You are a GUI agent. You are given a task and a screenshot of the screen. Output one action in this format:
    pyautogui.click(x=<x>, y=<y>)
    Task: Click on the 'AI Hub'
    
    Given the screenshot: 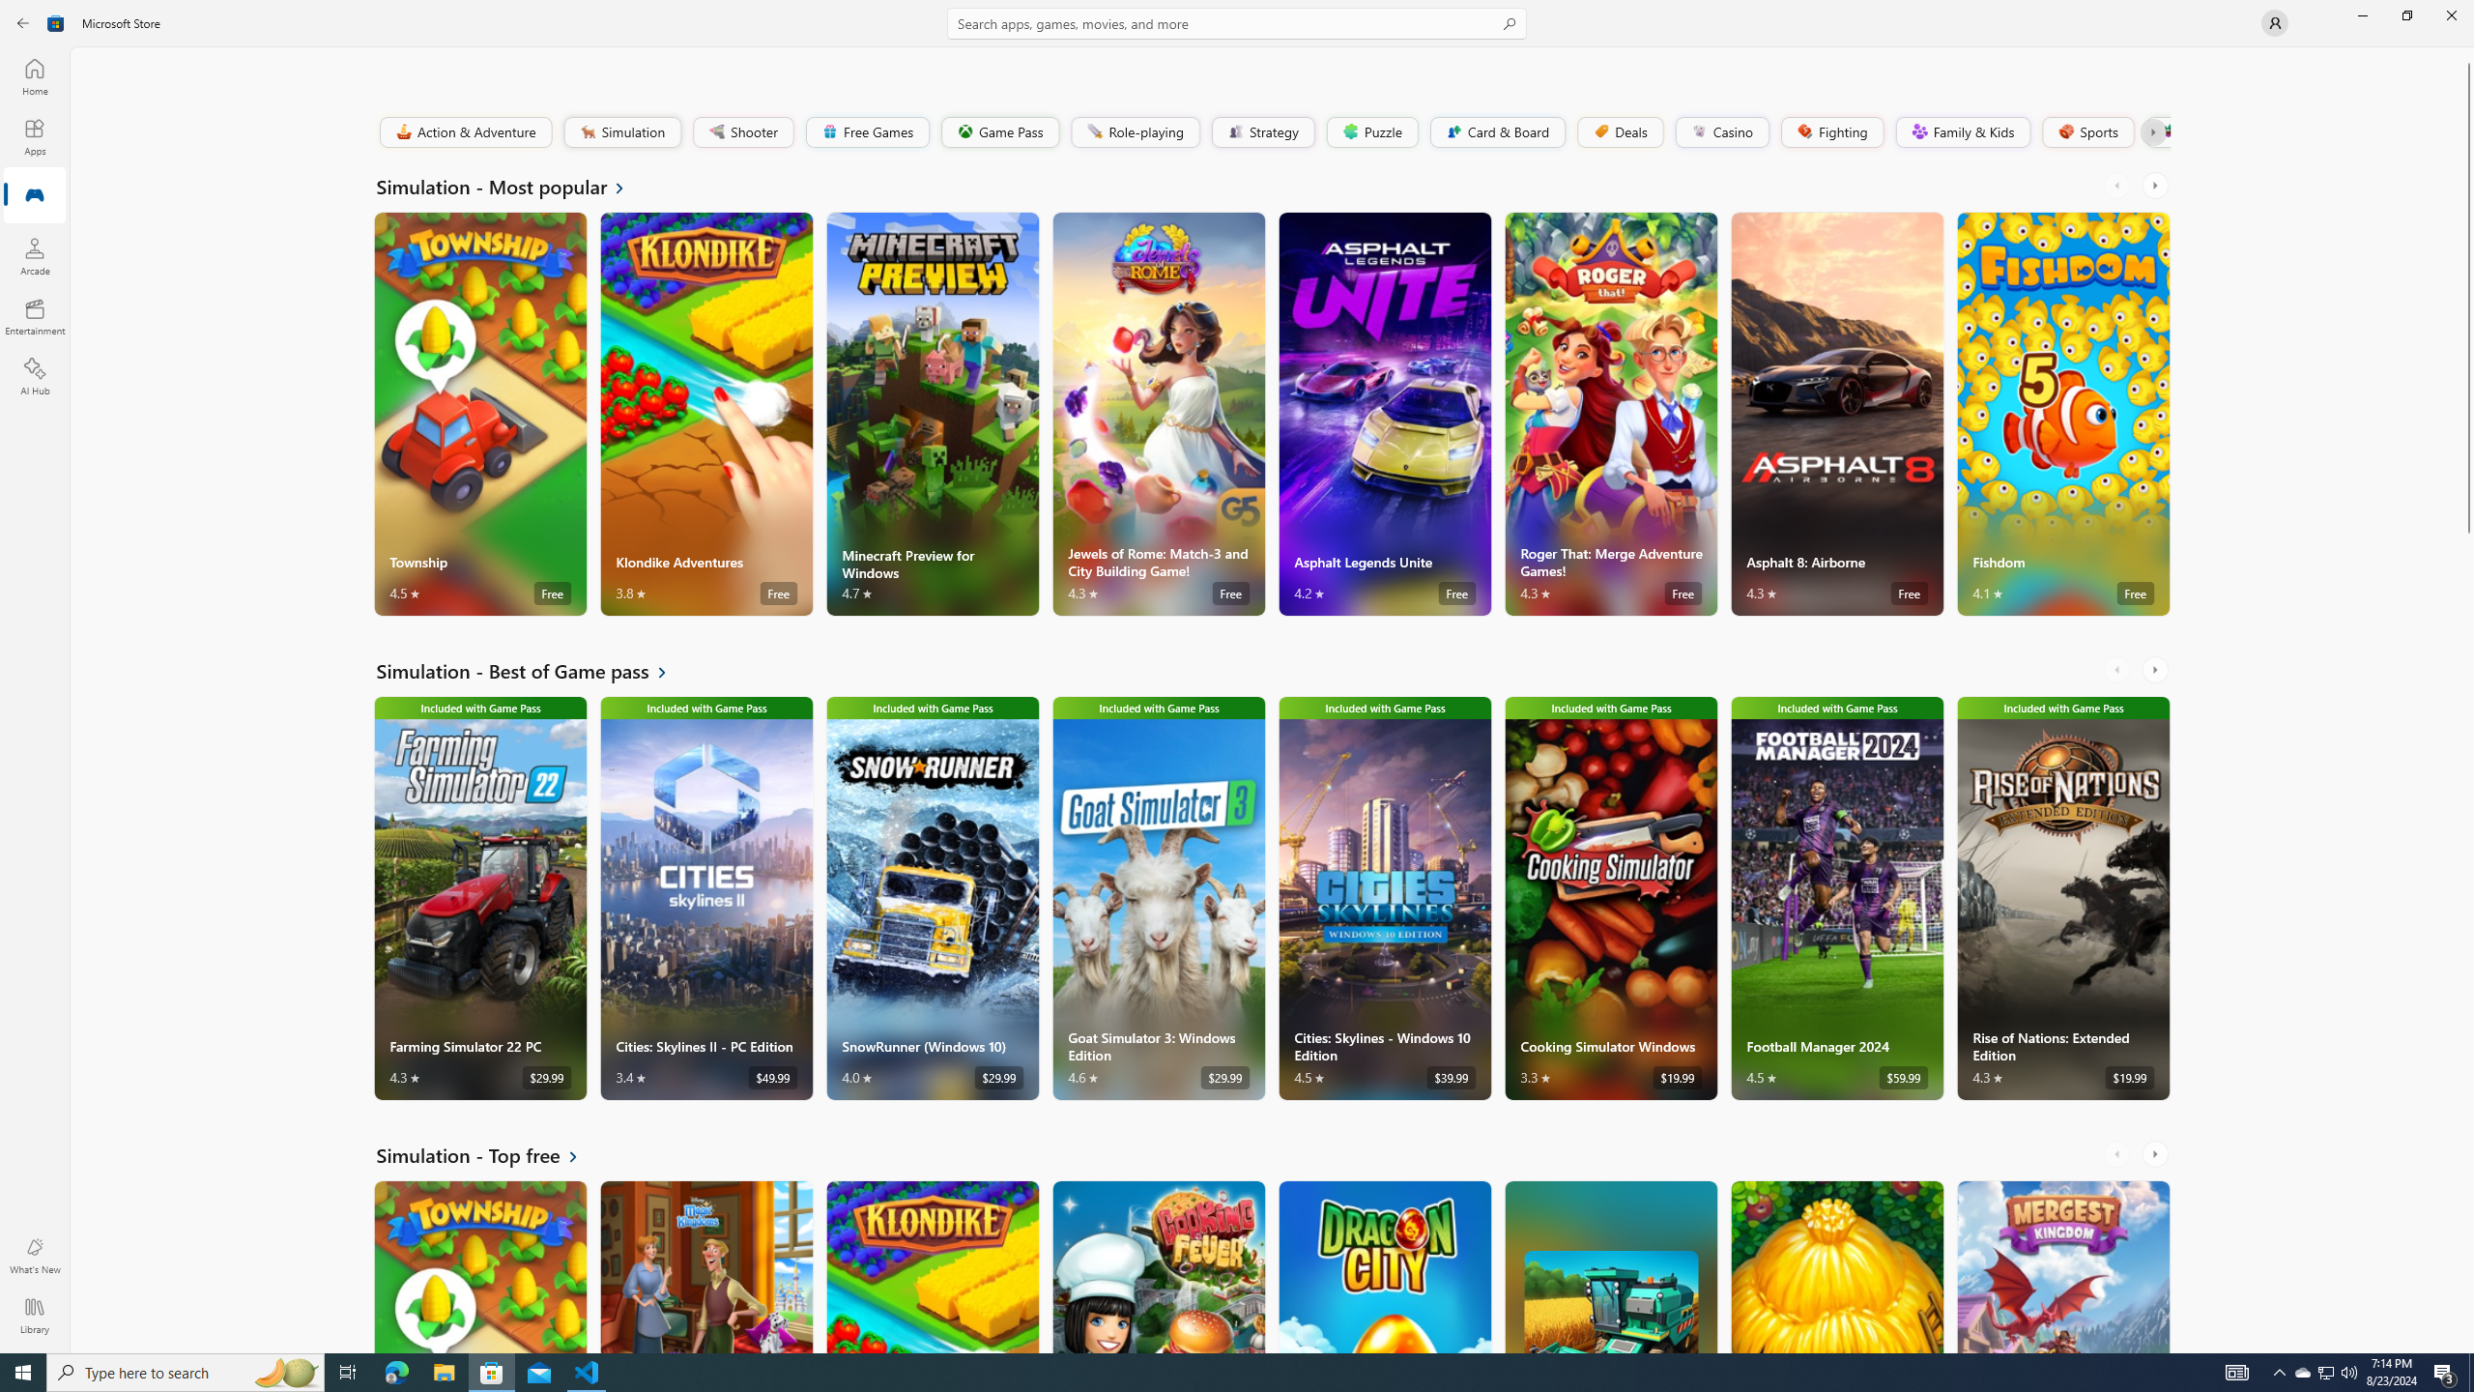 What is the action you would take?
    pyautogui.click(x=33, y=375)
    